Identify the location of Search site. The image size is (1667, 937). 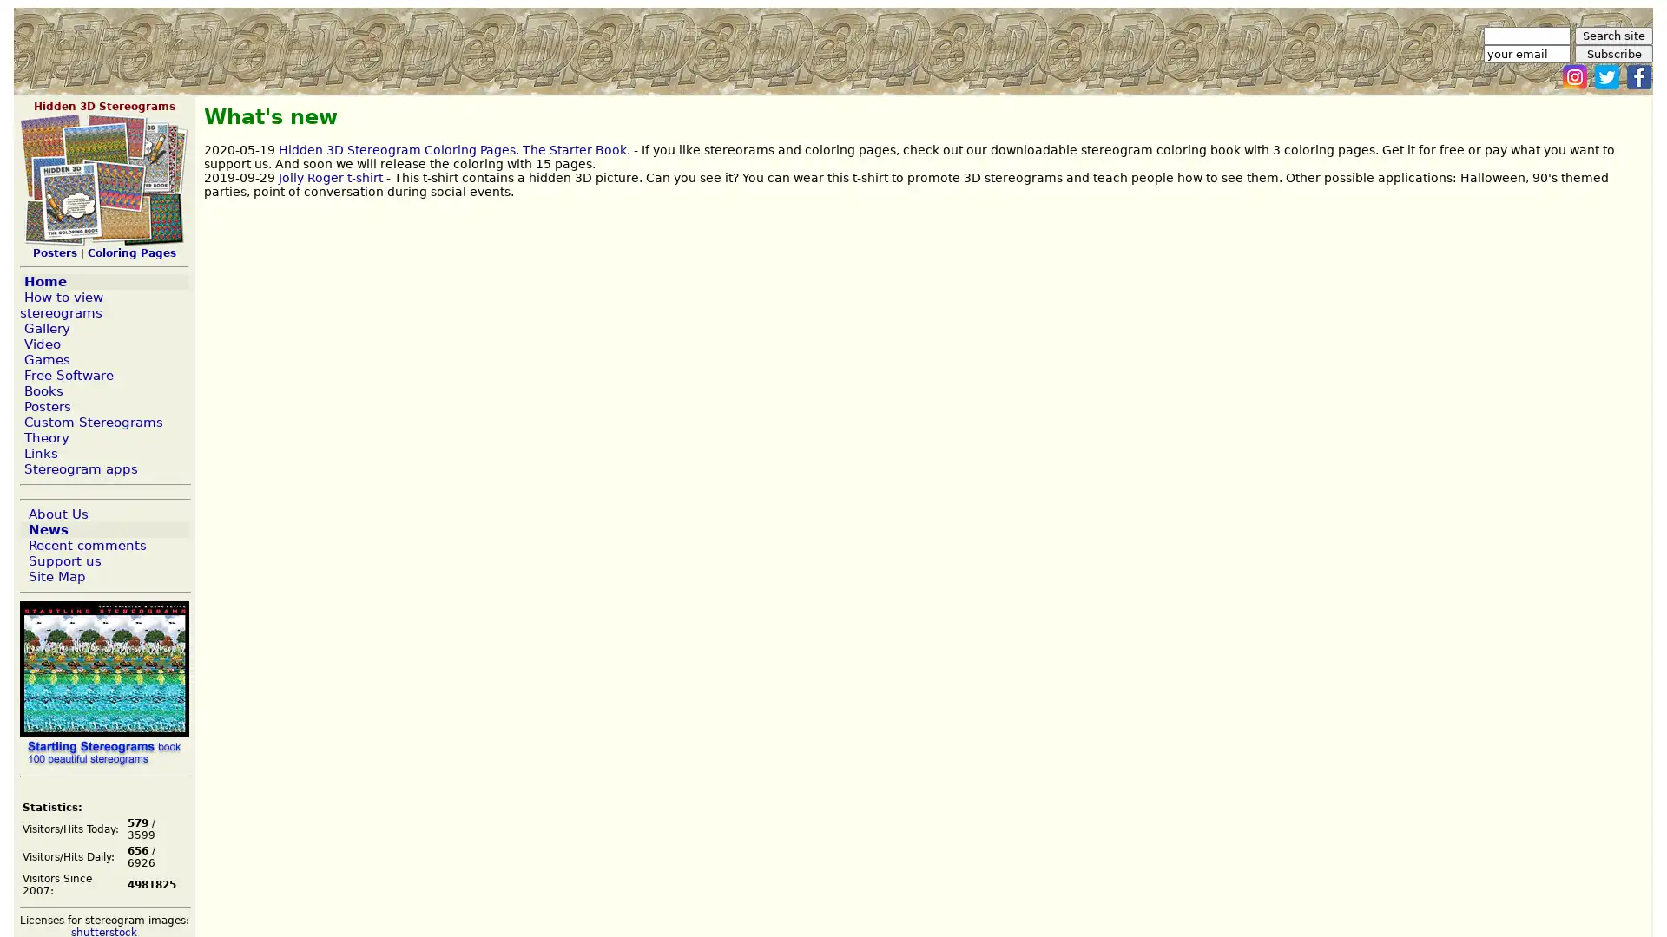
(1612, 36).